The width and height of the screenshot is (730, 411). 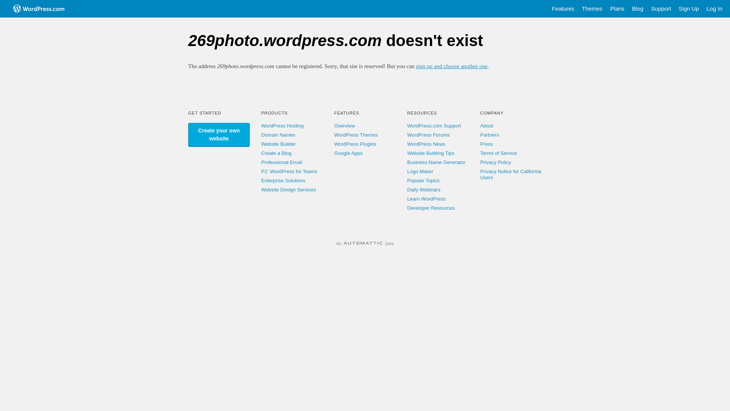 What do you see at coordinates (288, 189) in the screenshot?
I see `'Website Design Services'` at bounding box center [288, 189].